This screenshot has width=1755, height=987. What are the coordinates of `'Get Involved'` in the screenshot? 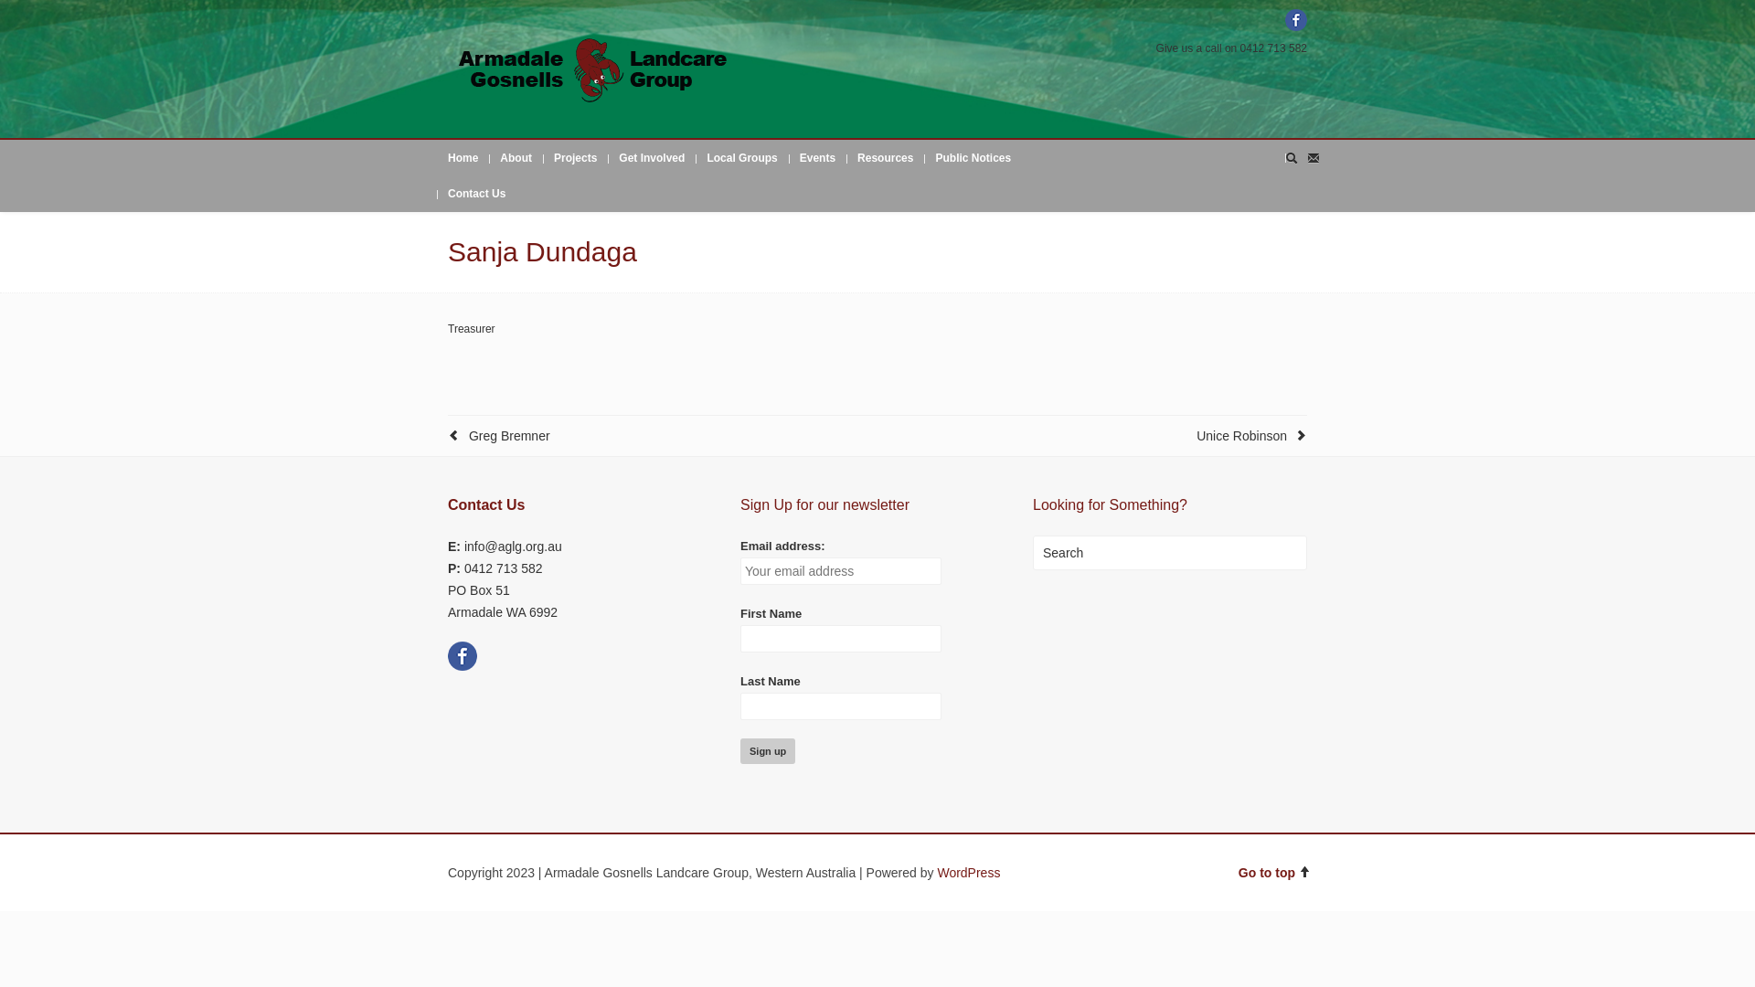 It's located at (652, 157).